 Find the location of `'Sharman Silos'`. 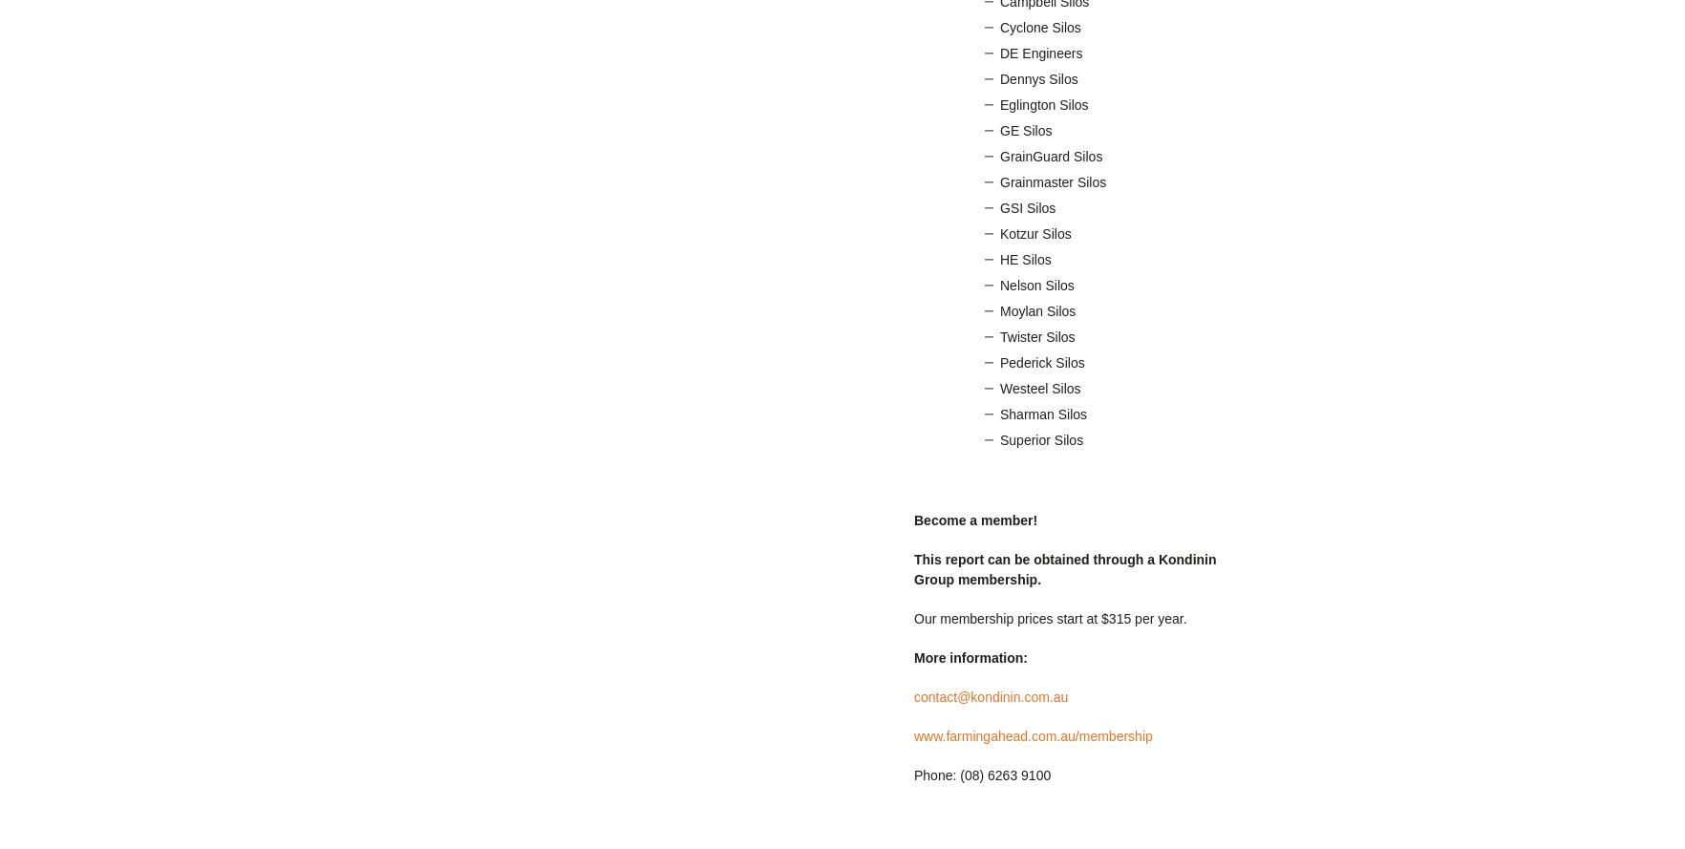

'Sharman Silos' is located at coordinates (1043, 414).